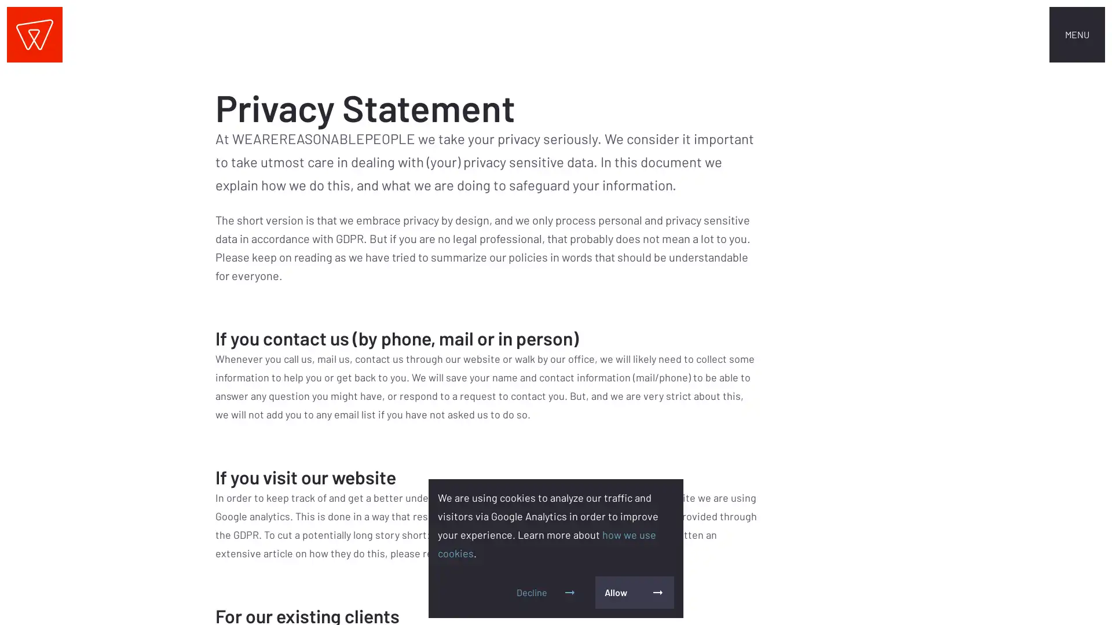  What do you see at coordinates (546, 592) in the screenshot?
I see `Decline` at bounding box center [546, 592].